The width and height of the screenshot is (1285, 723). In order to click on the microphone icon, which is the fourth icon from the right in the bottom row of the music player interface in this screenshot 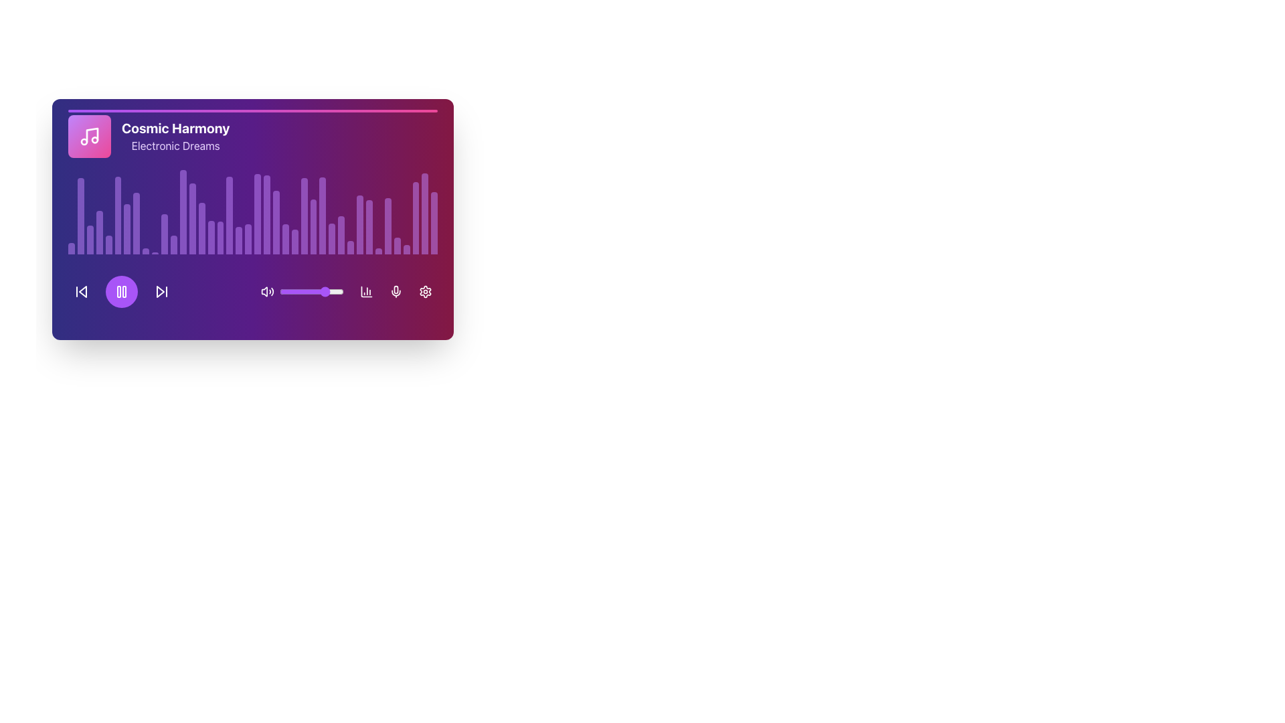, I will do `click(395, 291)`.